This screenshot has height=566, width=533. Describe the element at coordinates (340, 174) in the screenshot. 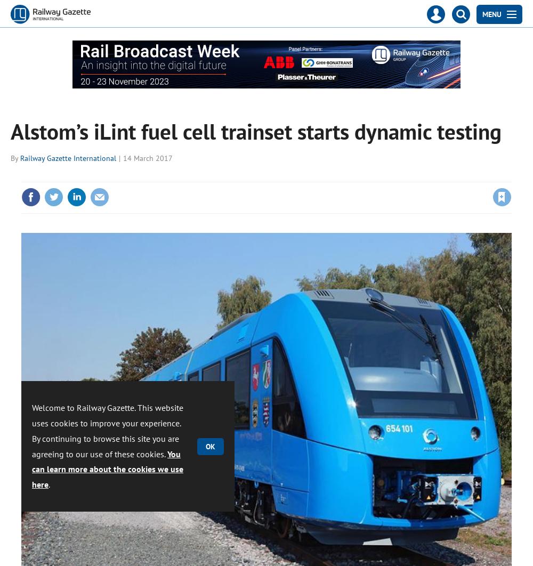

I see `'Please'` at that location.